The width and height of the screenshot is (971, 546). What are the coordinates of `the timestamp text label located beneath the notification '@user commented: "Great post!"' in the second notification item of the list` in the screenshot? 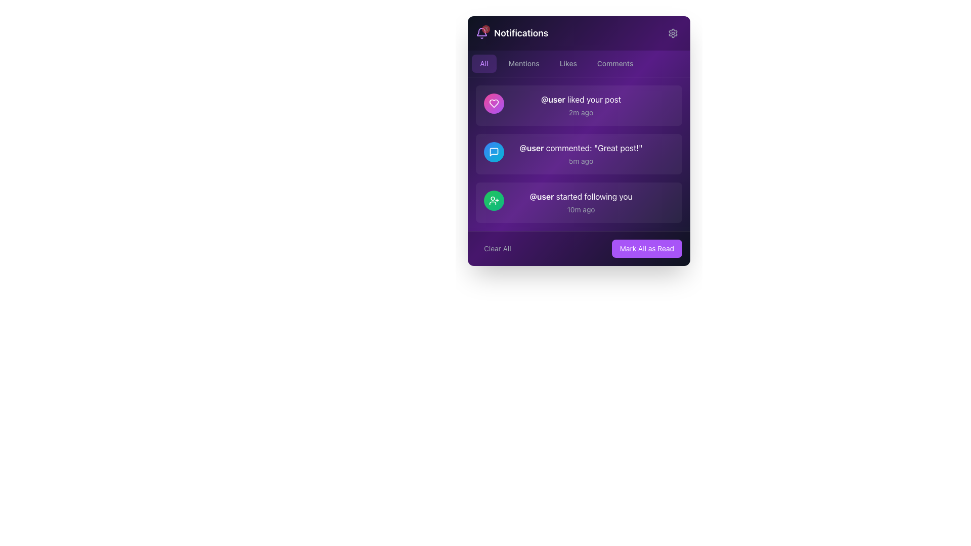 It's located at (581, 161).